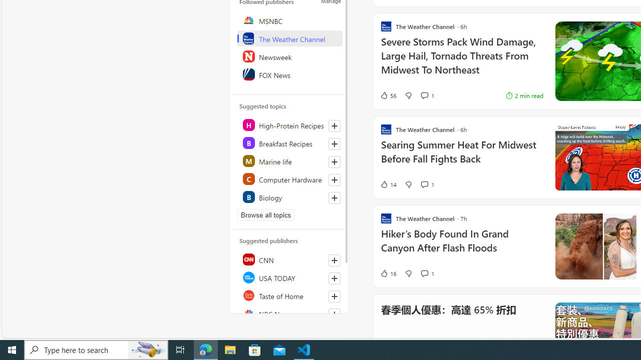  What do you see at coordinates (334, 198) in the screenshot?
I see `'Follow this topic'` at bounding box center [334, 198].